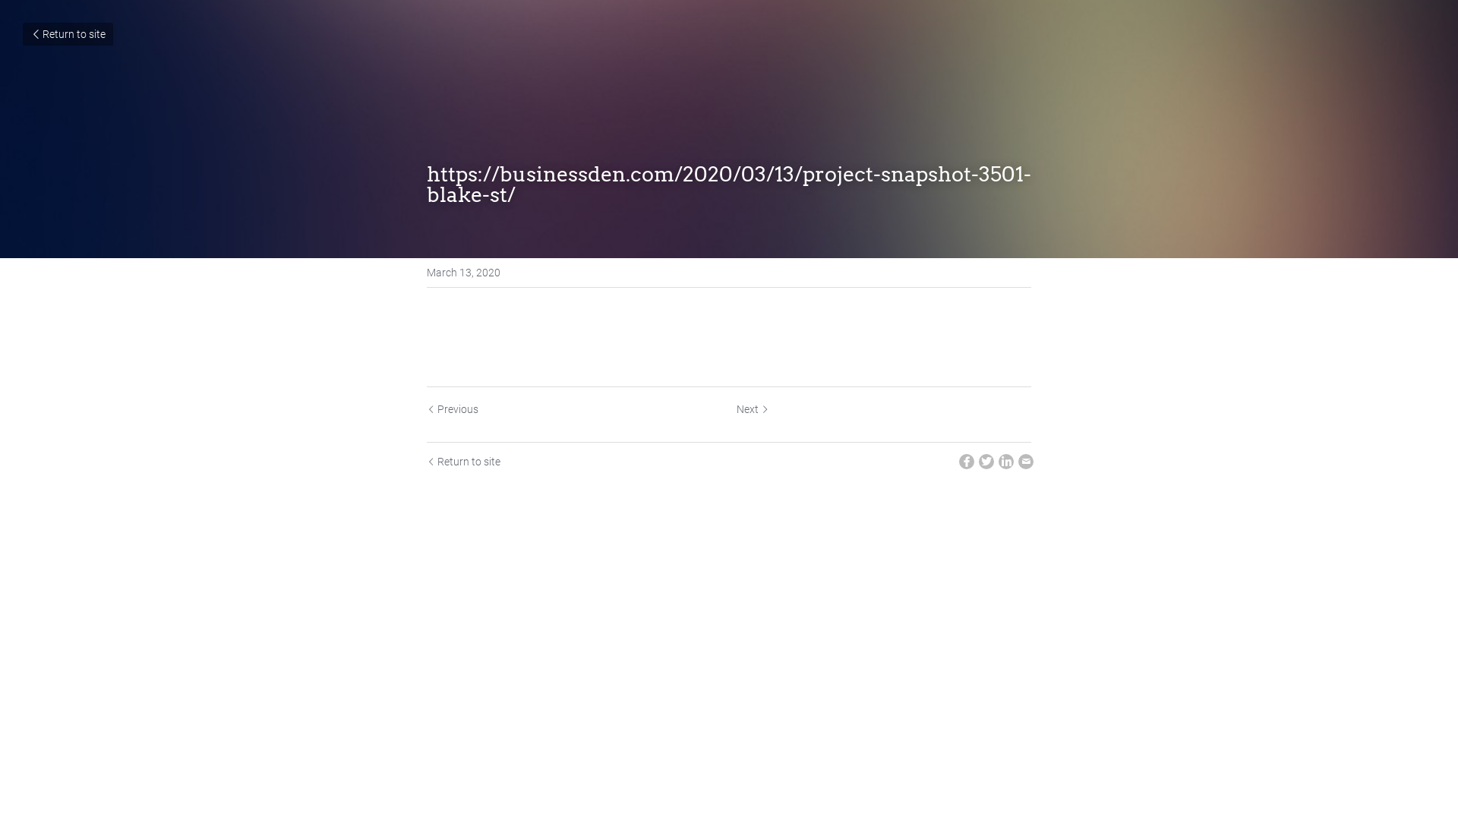  I want to click on 'Previous', so click(451, 408).